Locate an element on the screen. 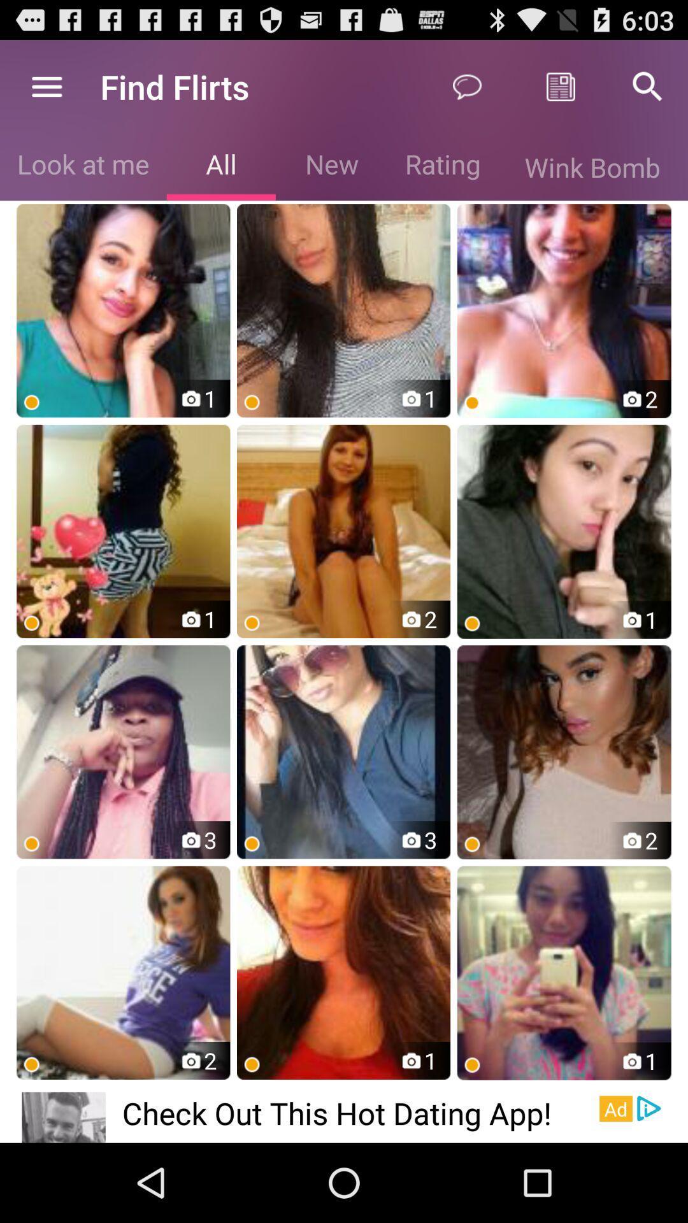 The height and width of the screenshot is (1223, 688). the icon next to find flirts item is located at coordinates (46, 86).